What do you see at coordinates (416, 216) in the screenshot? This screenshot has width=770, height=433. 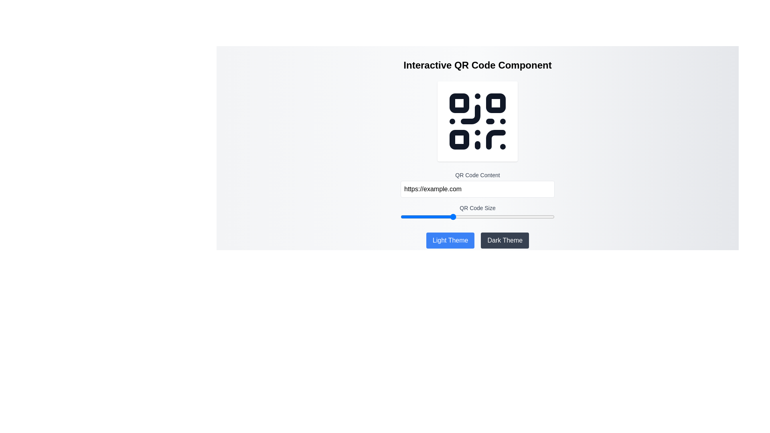 I see `the QR Code size` at bounding box center [416, 216].